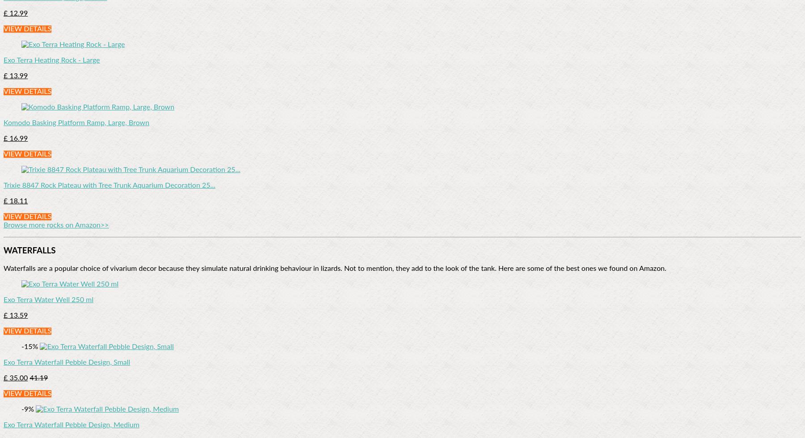  I want to click on 'Exo Terra Waterfall Pebble Design, Small', so click(67, 362).